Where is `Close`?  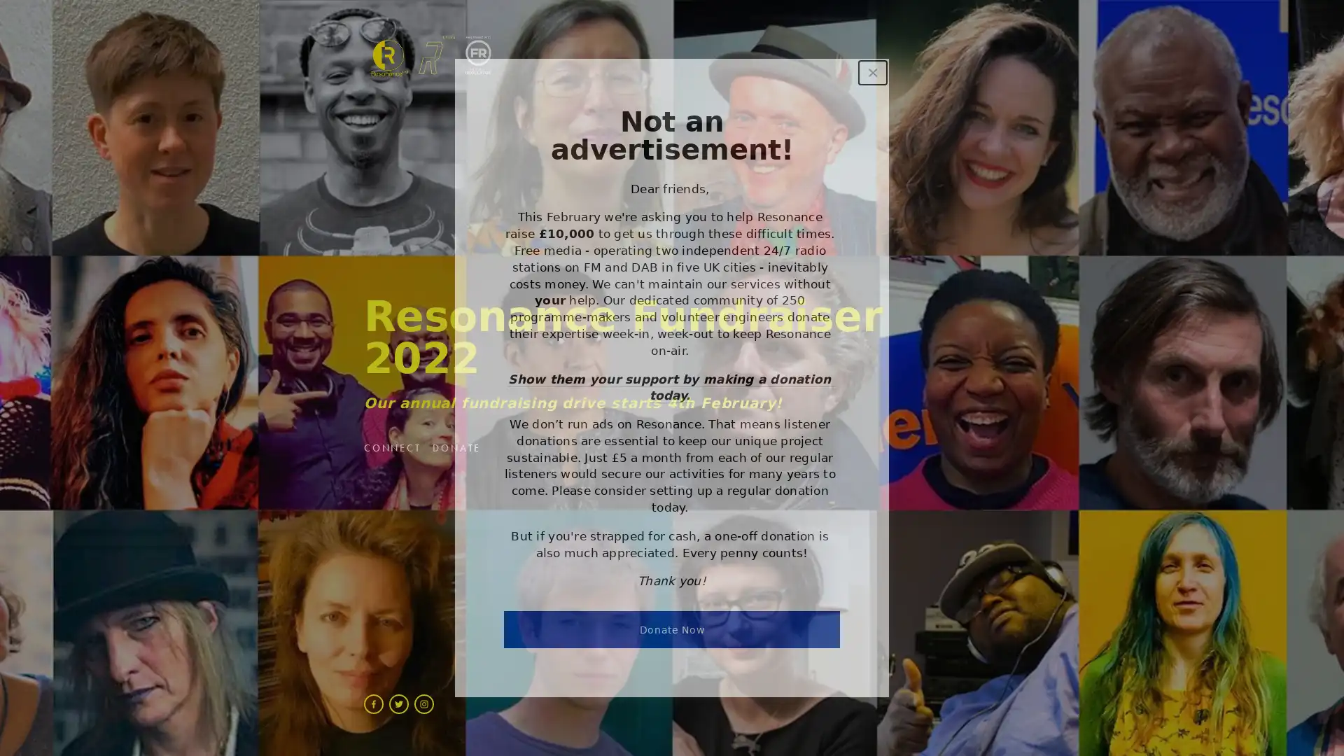
Close is located at coordinates (871, 72).